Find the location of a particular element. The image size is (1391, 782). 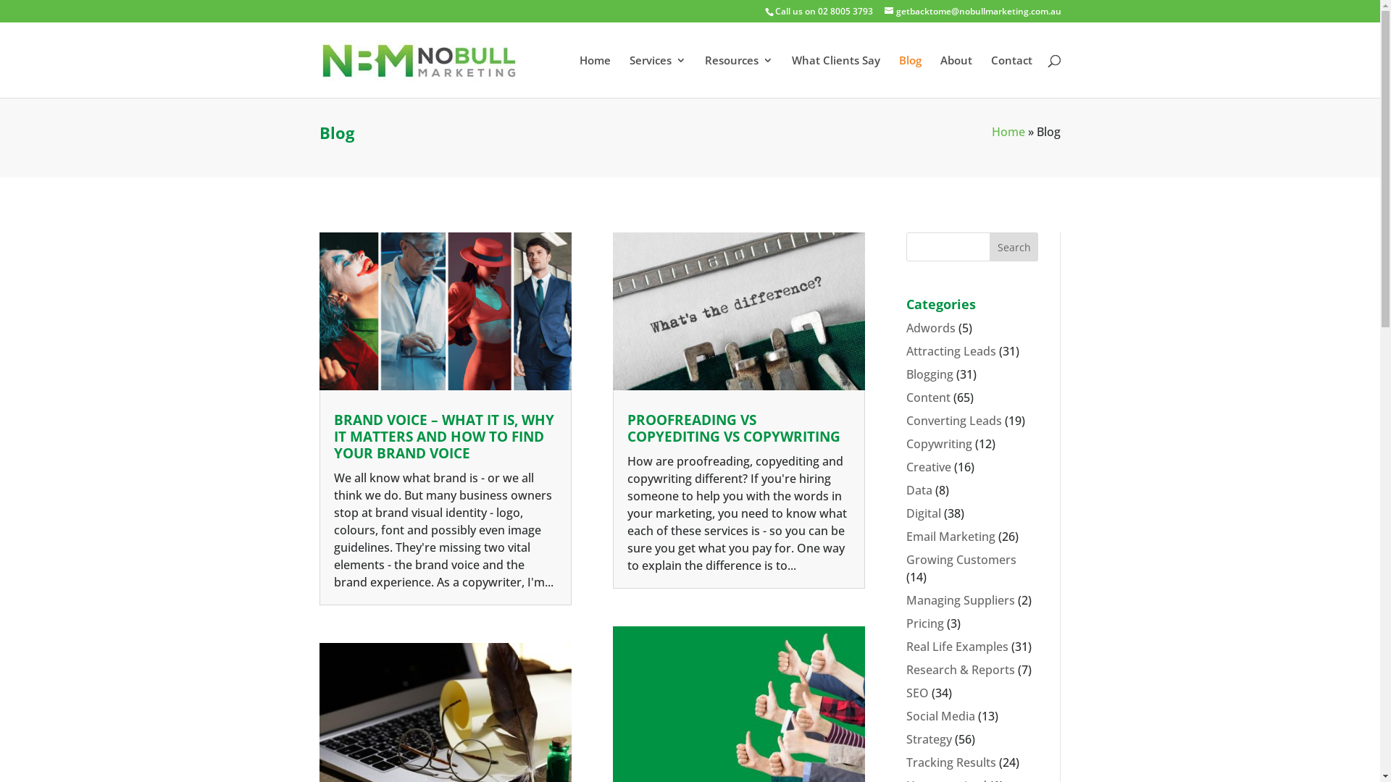

'Blogging' is located at coordinates (930, 373).